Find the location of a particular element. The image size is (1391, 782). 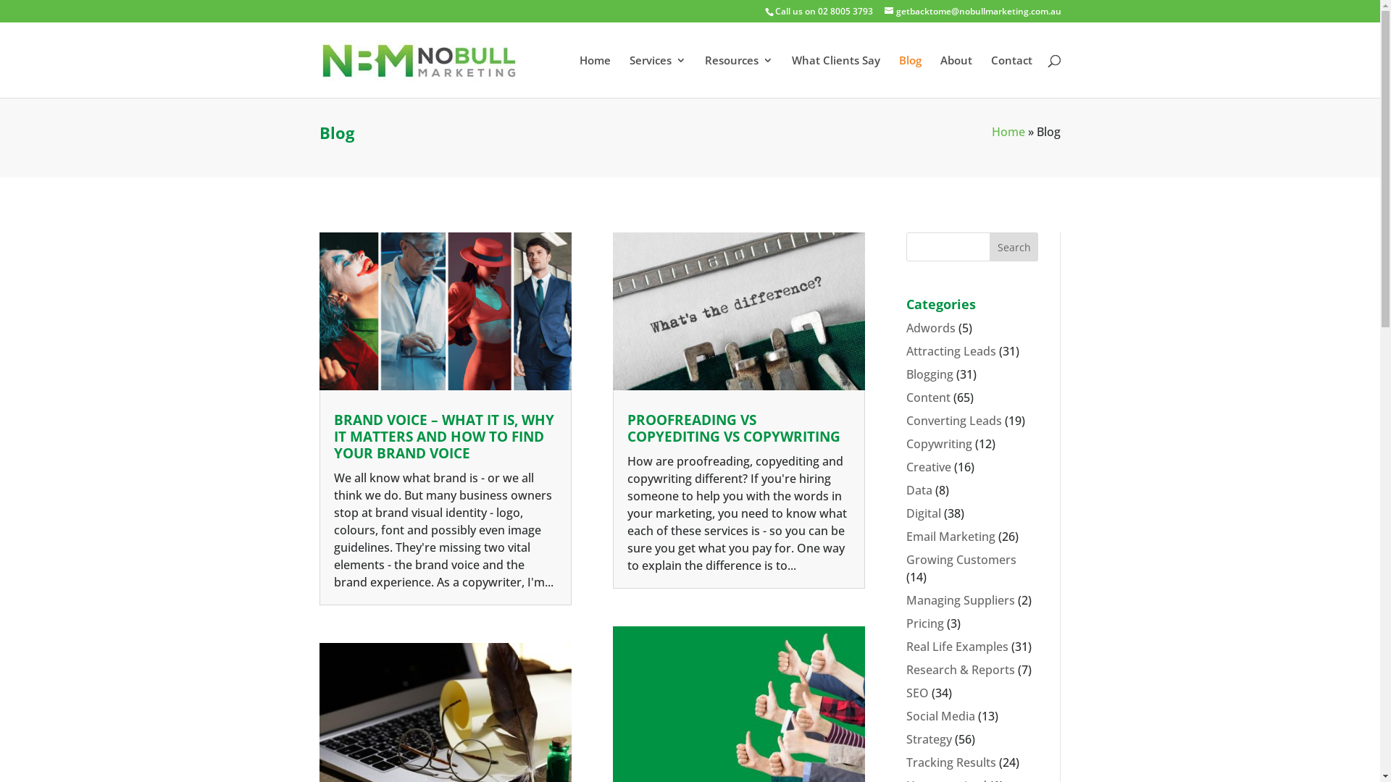

'Blogging' is located at coordinates (930, 373).